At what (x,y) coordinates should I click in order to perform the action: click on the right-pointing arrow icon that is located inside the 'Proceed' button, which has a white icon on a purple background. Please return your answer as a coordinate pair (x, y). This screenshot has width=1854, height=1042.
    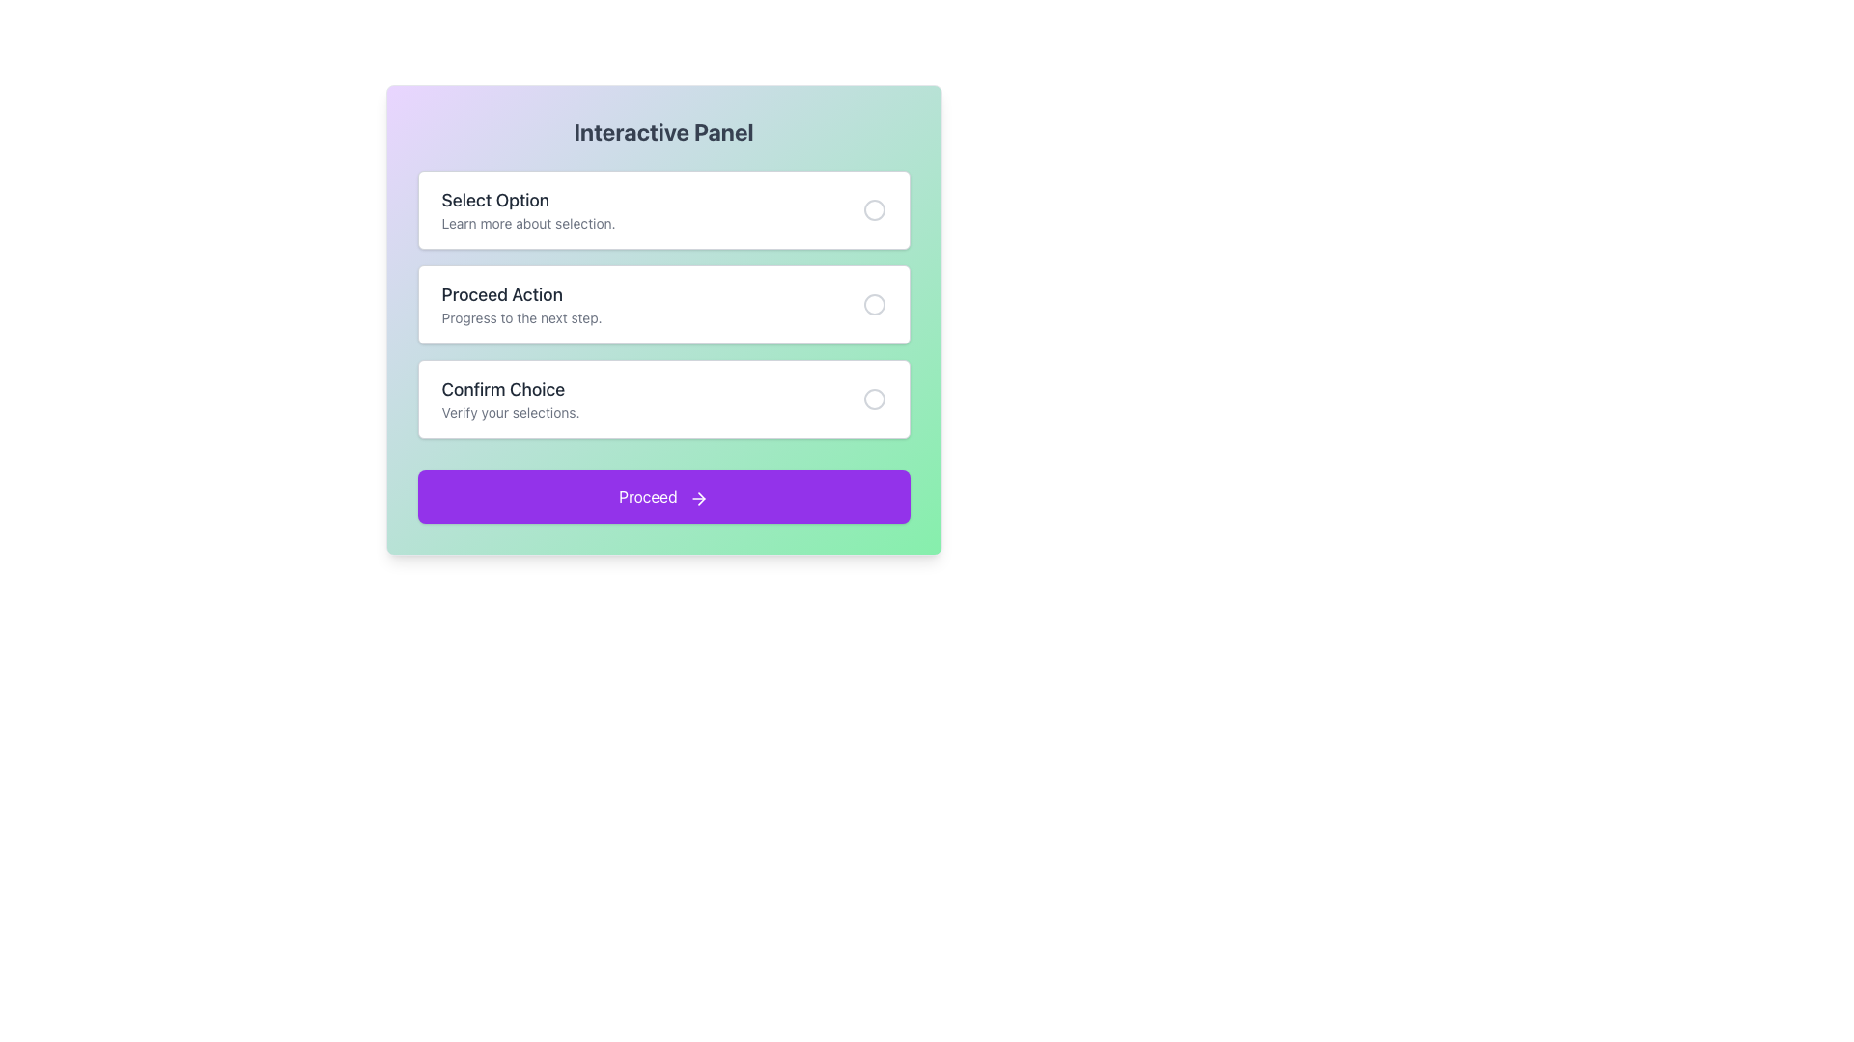
    Looking at the image, I should click on (697, 497).